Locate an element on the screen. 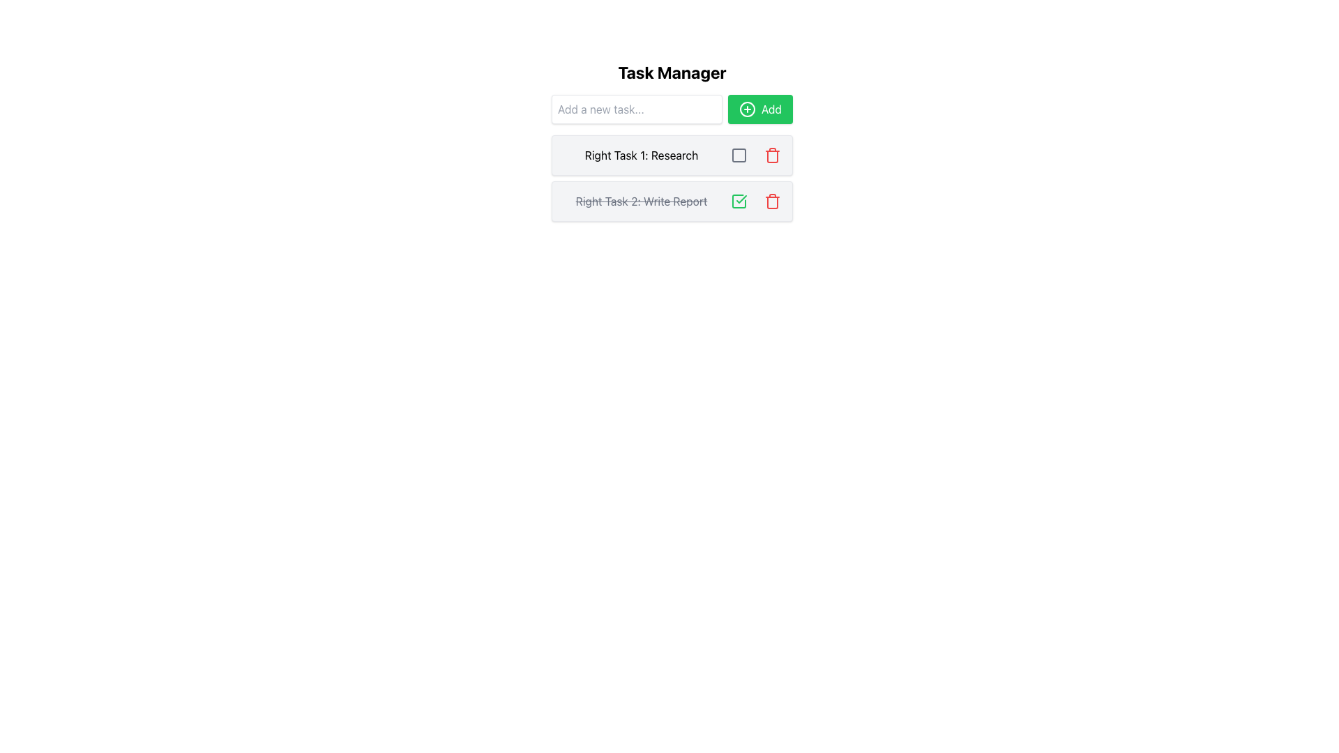 This screenshot has height=753, width=1339. the green checkmark icon in the Checkbox with a custom SVG design is located at coordinates (739, 201).